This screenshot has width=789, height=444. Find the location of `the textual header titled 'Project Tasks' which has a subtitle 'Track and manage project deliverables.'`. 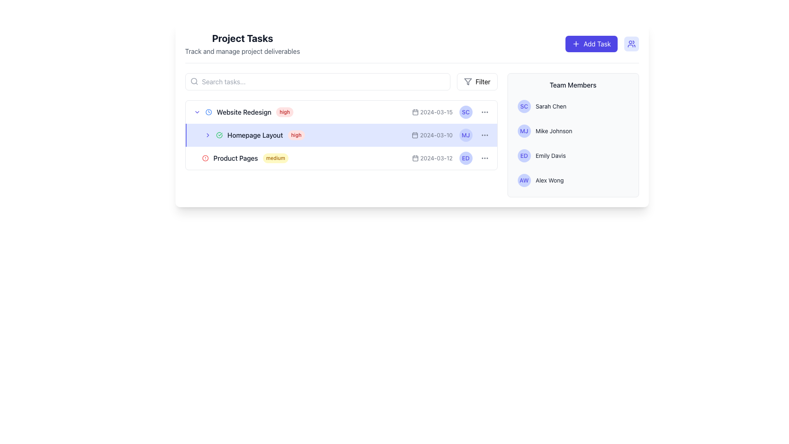

the textual header titled 'Project Tasks' which has a subtitle 'Track and manage project deliverables.' is located at coordinates (242, 44).